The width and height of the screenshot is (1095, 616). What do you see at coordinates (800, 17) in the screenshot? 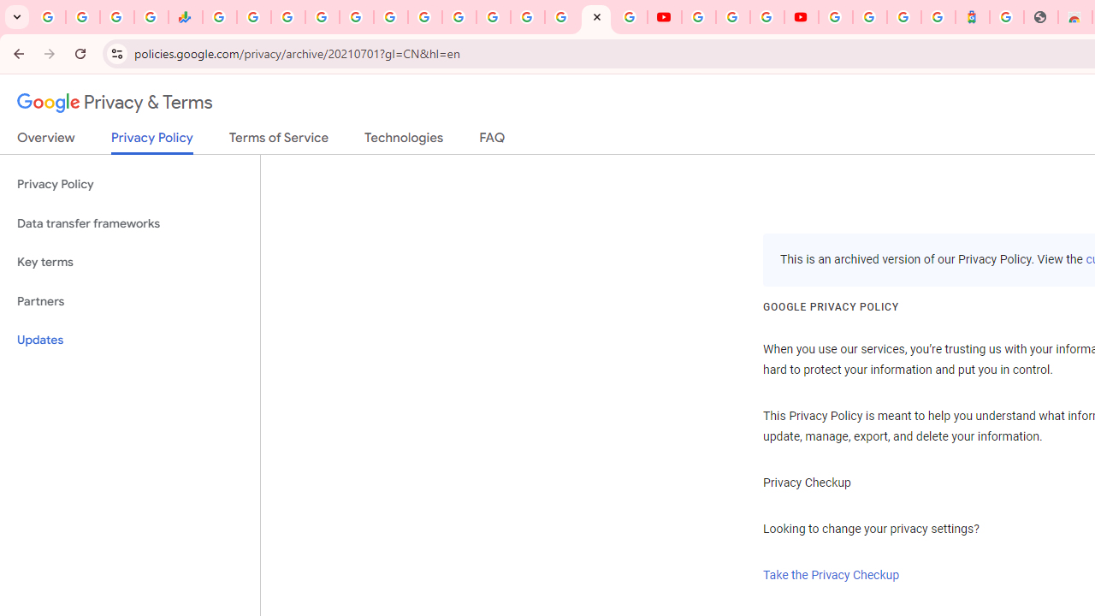
I see `'Content Creator Programs & Opportunities - YouTube Creators'` at bounding box center [800, 17].